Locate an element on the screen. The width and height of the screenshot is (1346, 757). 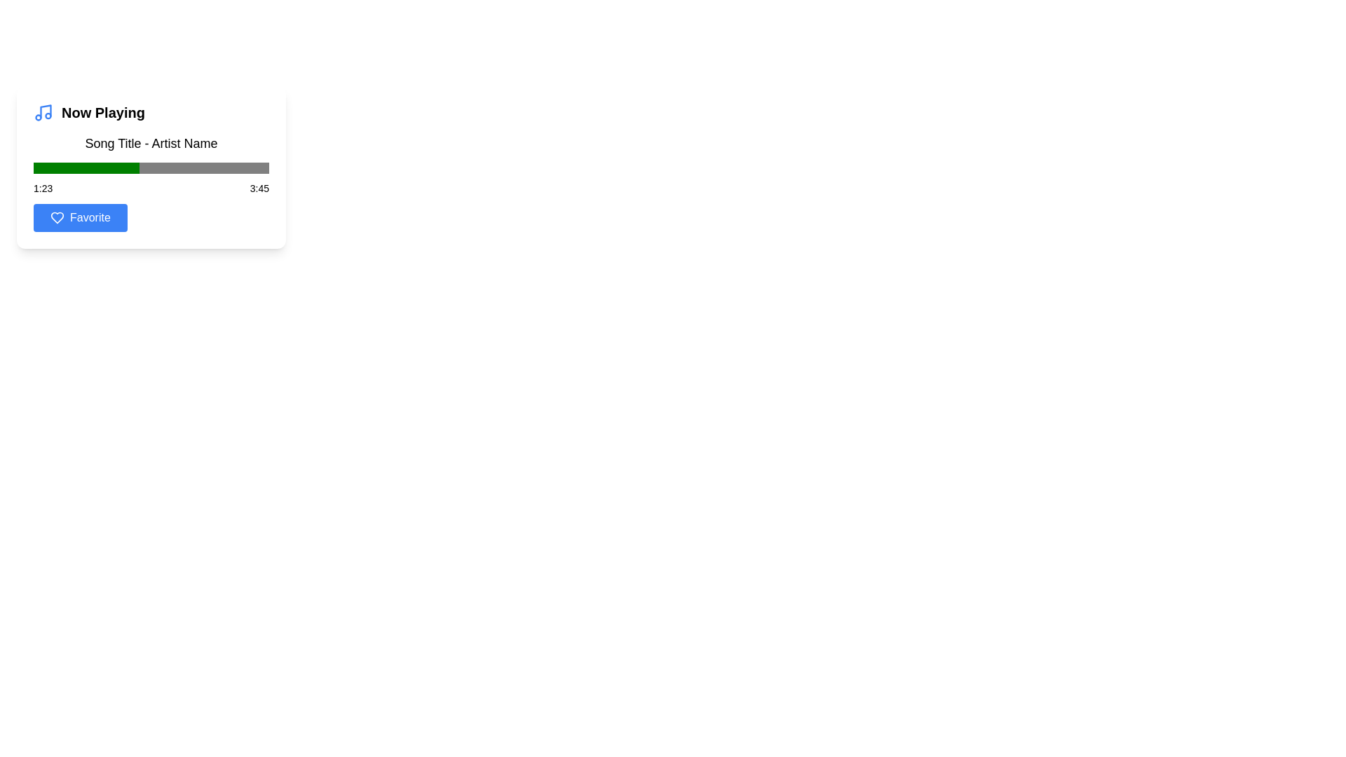
the text label displaying the time '1:23' in the music player interface, located near the bottom-left edge of the progress bar is located at coordinates (43, 188).